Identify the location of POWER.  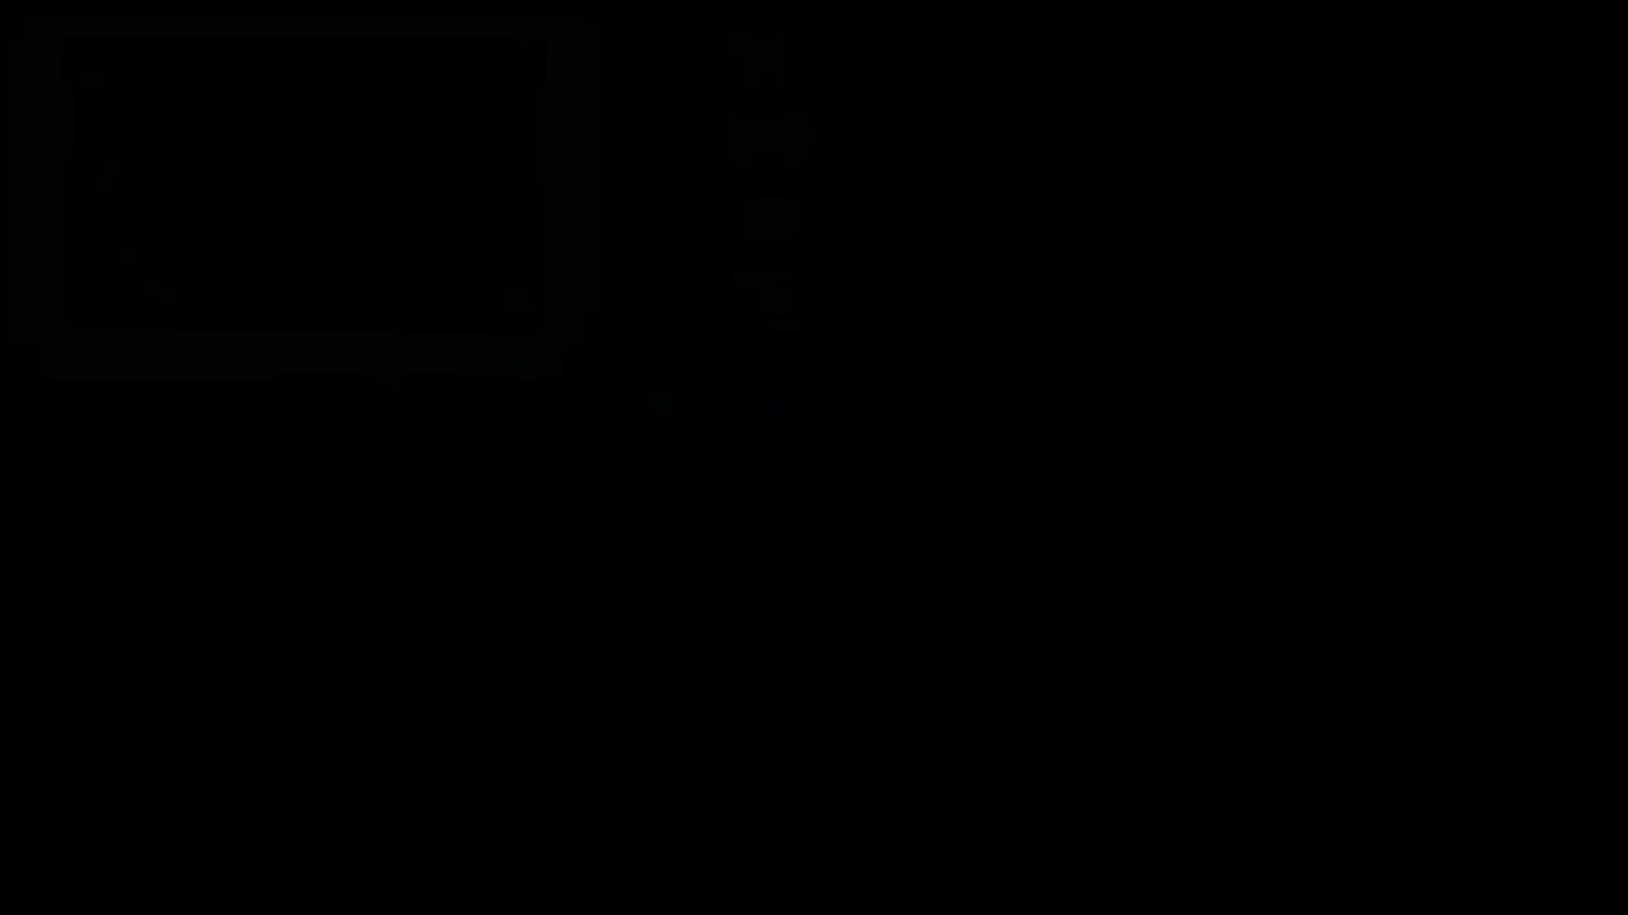
(655, 267).